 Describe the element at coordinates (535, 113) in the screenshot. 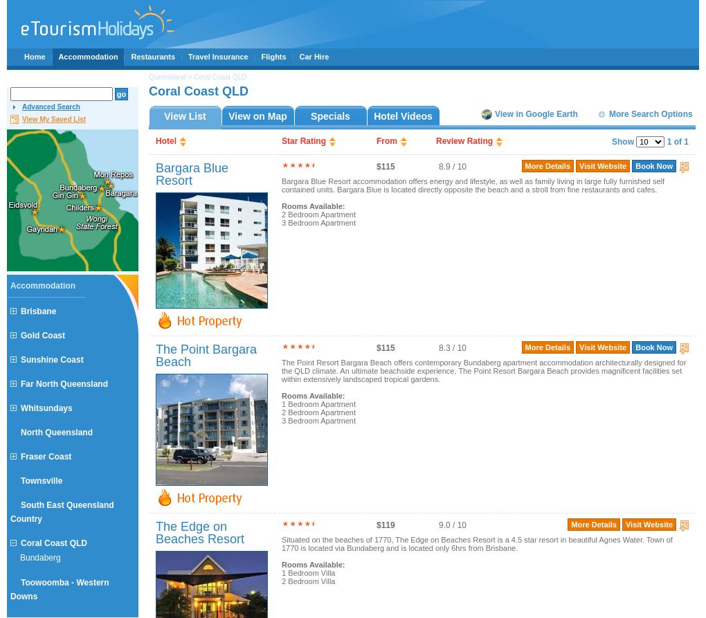

I see `'View in Google Earth'` at that location.